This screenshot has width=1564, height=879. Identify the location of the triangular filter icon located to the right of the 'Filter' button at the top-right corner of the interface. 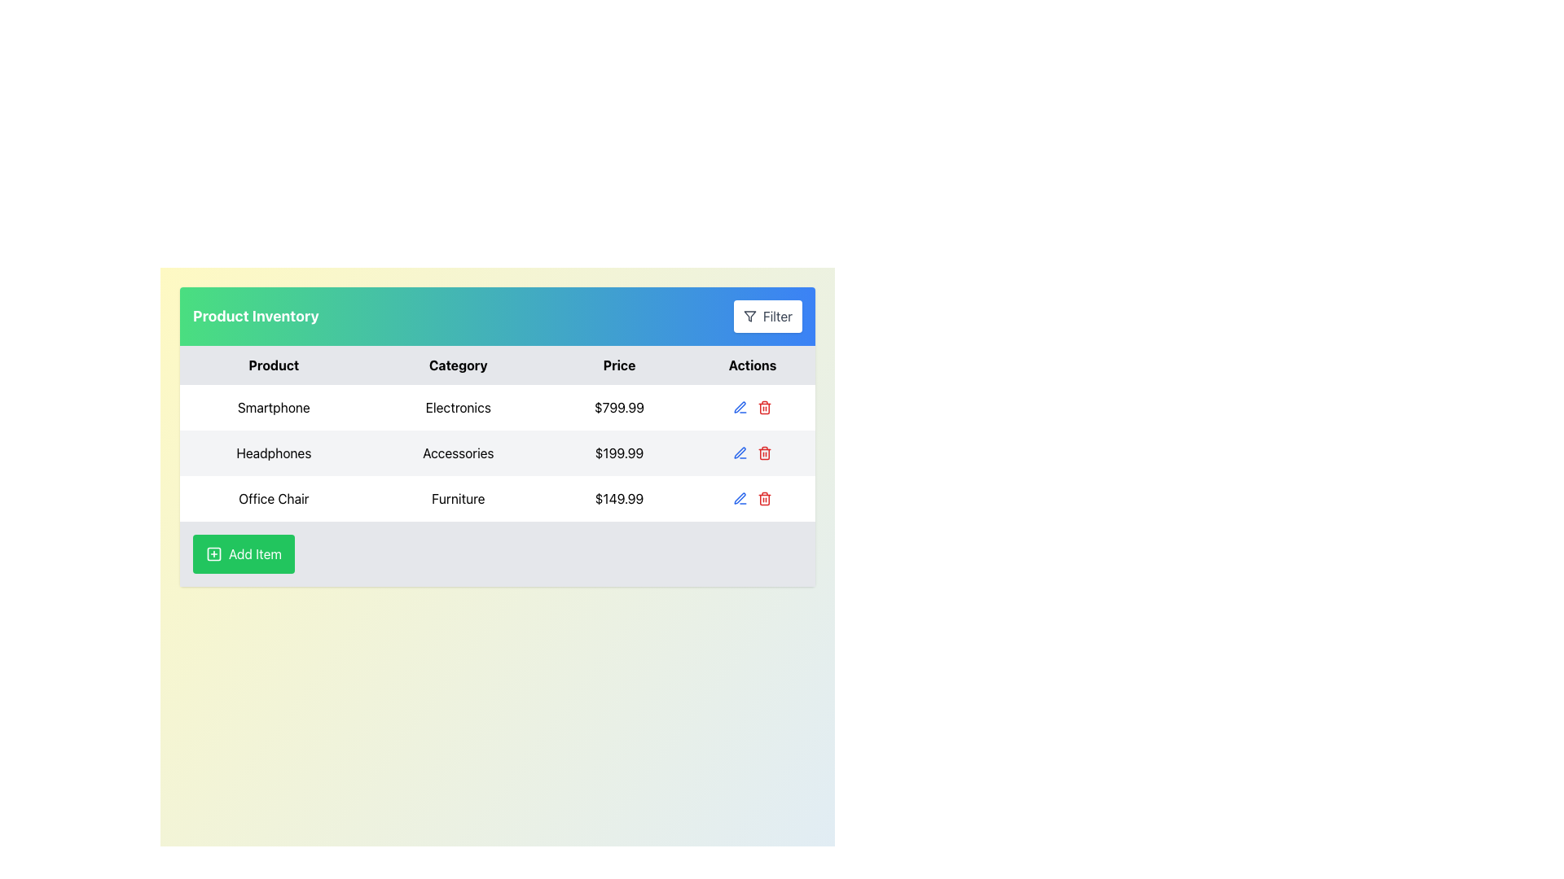
(749, 317).